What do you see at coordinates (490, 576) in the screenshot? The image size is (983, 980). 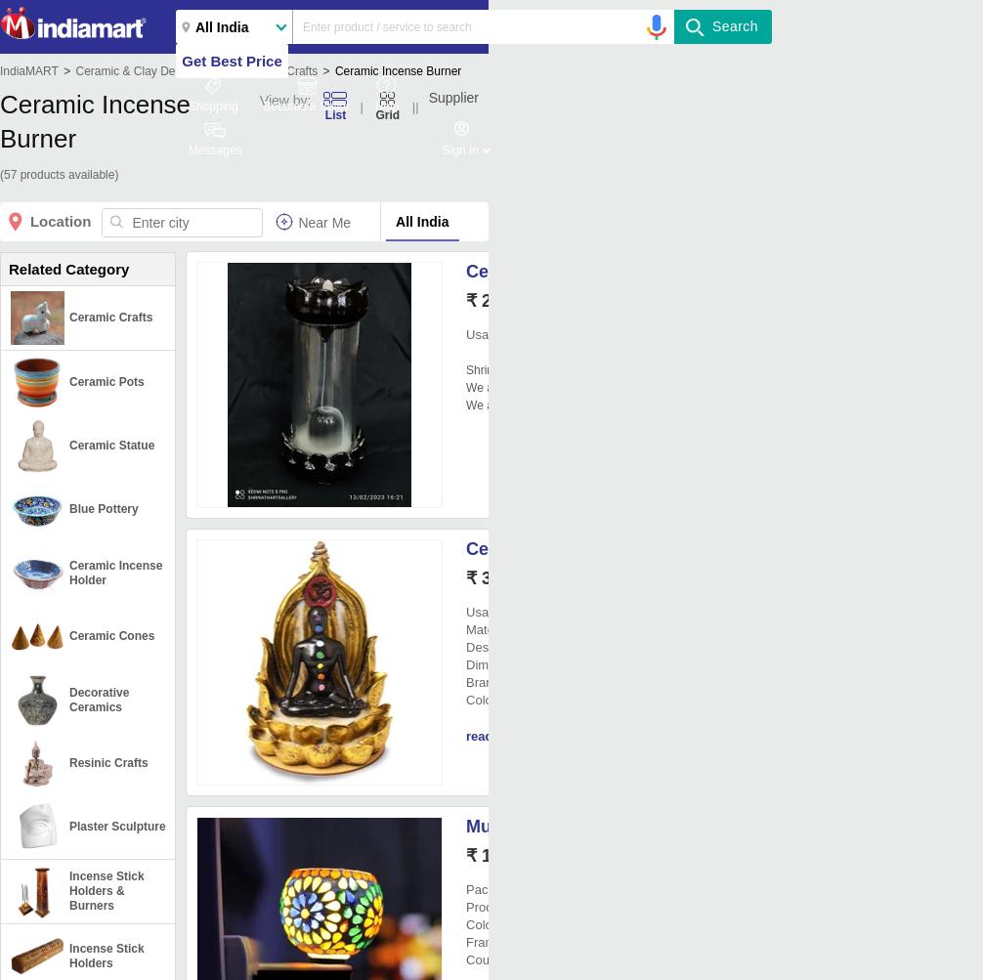 I see `'₹ 350/'` at bounding box center [490, 576].